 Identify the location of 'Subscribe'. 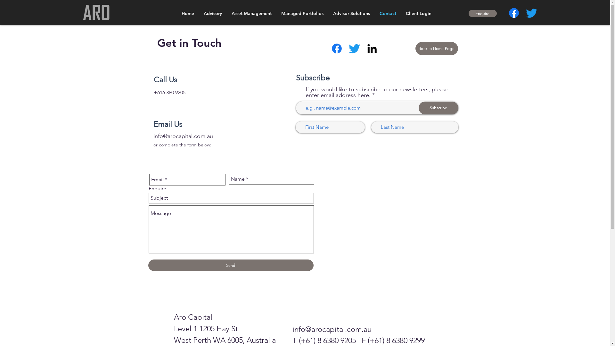
(438, 107).